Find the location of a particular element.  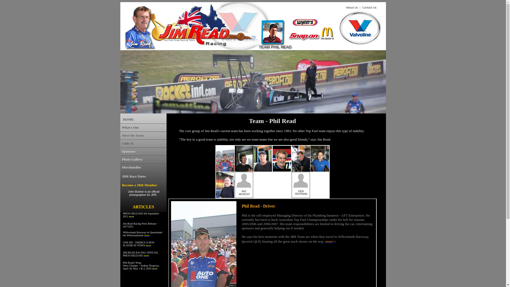

'ore' is located at coordinates (132, 216).